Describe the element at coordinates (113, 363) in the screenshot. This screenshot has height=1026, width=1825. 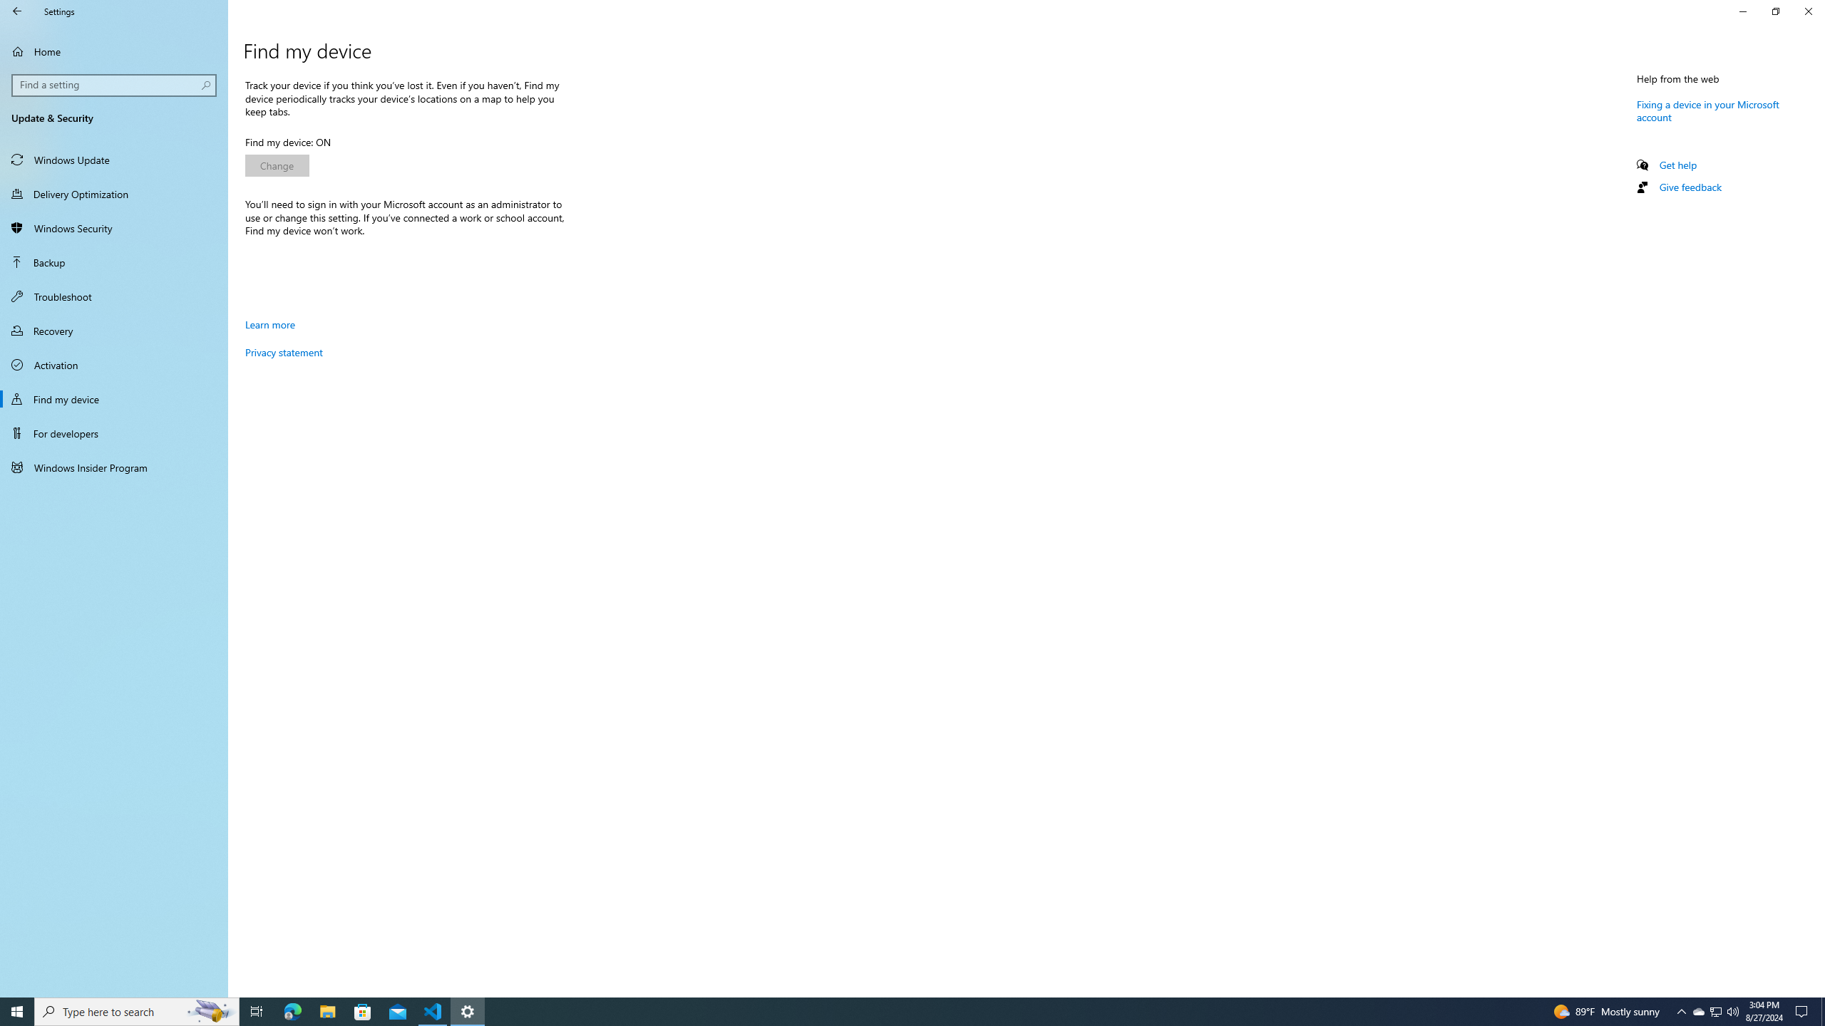
I see `'Activation'` at that location.